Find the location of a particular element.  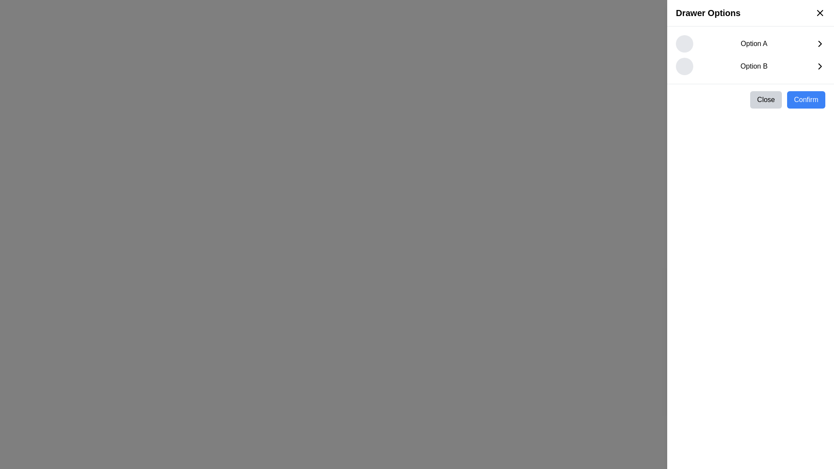

bold and prominent static text label stating 'Drawer Options' located at the top-left corner of the side drawer interface is located at coordinates (708, 13).